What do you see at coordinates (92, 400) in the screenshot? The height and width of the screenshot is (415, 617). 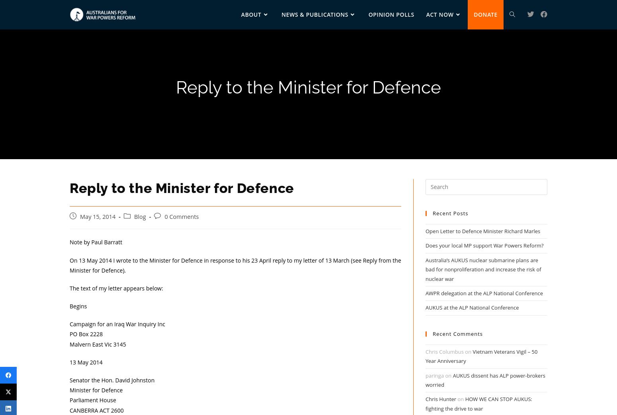 I see `'Parliament House'` at bounding box center [92, 400].